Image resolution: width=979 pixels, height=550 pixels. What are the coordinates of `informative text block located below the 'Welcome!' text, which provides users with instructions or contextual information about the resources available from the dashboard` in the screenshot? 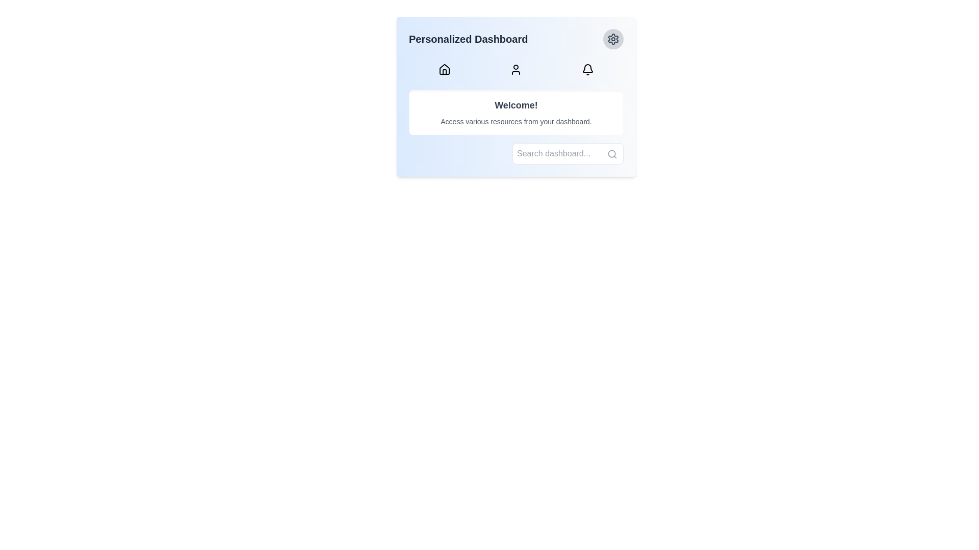 It's located at (516, 121).